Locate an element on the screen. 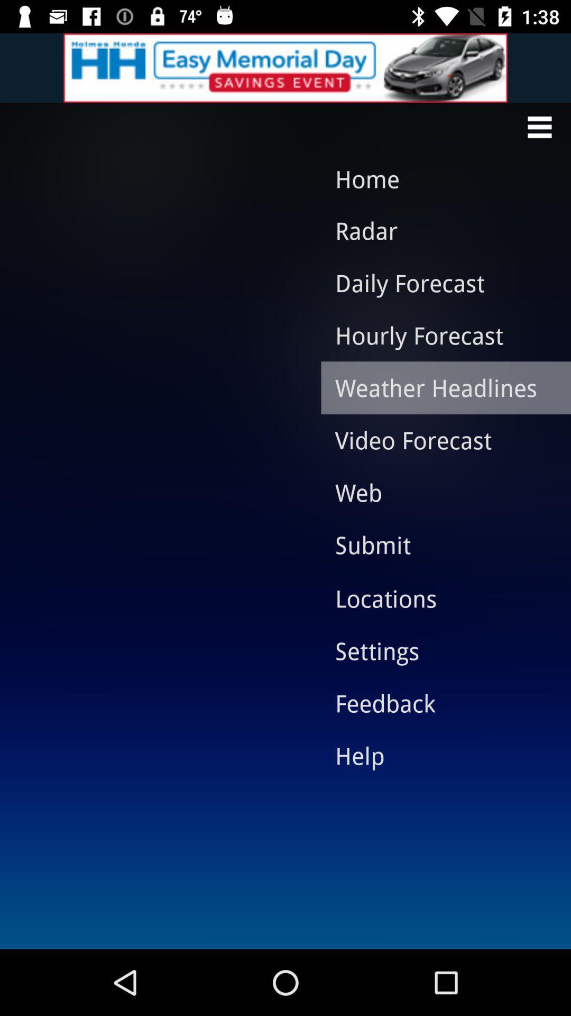  daily forecast item is located at coordinates (438, 283).